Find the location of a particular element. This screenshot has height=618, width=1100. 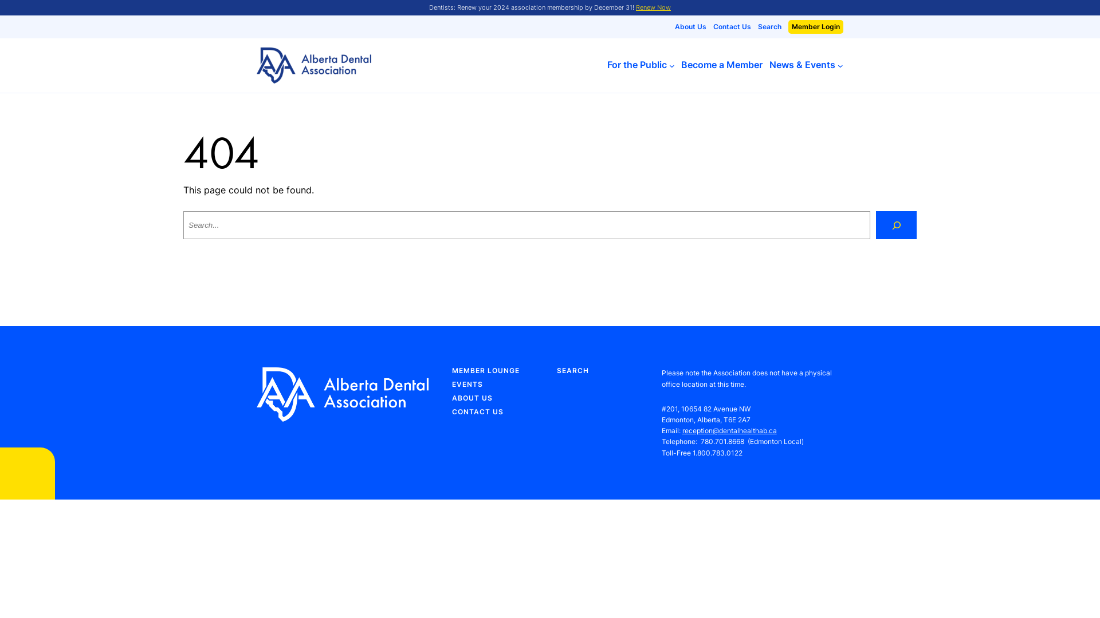

'Renew Now' is located at coordinates (635, 7).